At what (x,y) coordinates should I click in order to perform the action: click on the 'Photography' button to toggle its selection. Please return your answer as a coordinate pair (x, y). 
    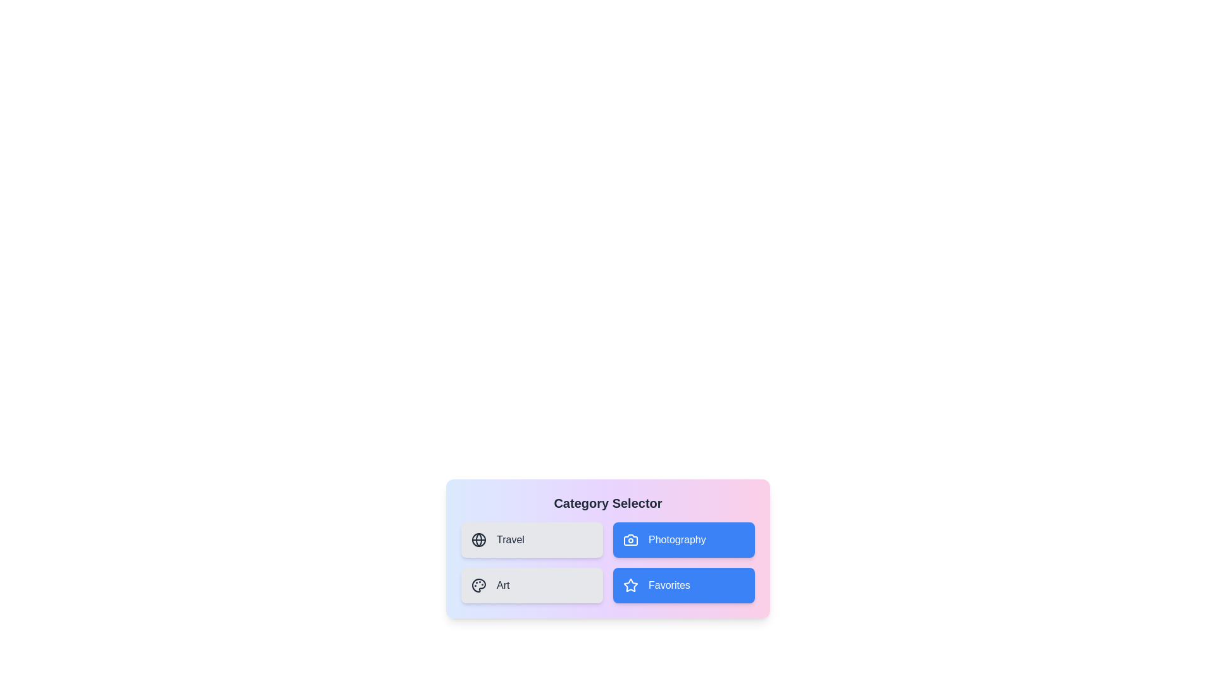
    Looking at the image, I should click on (683, 539).